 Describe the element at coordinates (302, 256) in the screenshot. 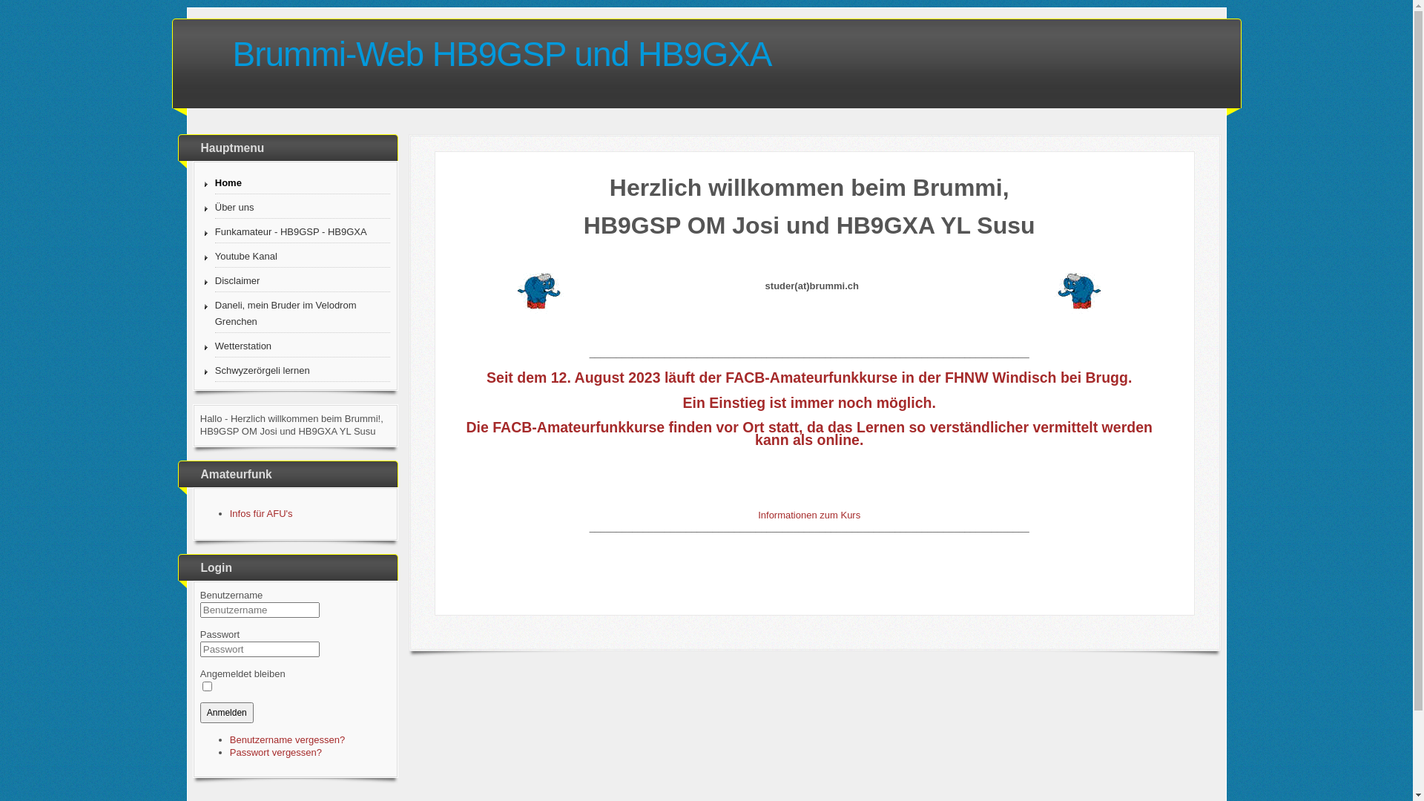

I see `'Youtube Kanal'` at that location.